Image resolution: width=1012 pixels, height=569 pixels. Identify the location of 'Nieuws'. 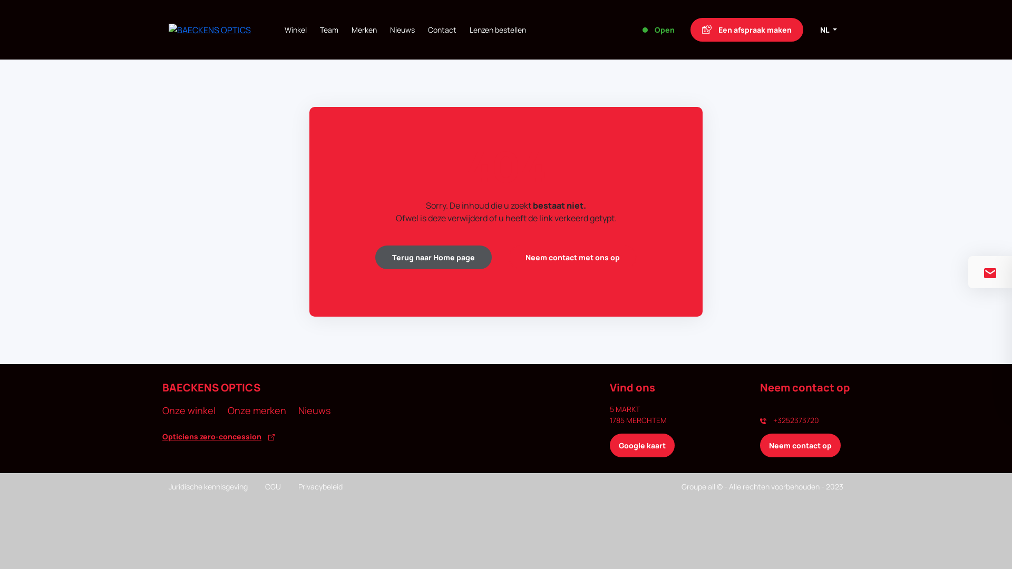
(314, 410).